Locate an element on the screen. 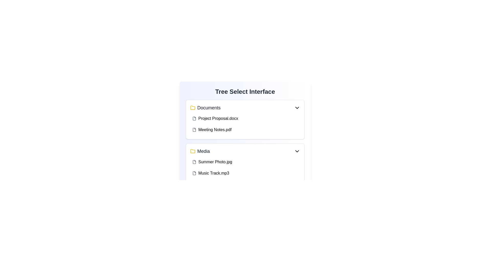 The width and height of the screenshot is (491, 276). the selectable file entry labeled 'Summer Photo.jpg' is located at coordinates (245, 162).